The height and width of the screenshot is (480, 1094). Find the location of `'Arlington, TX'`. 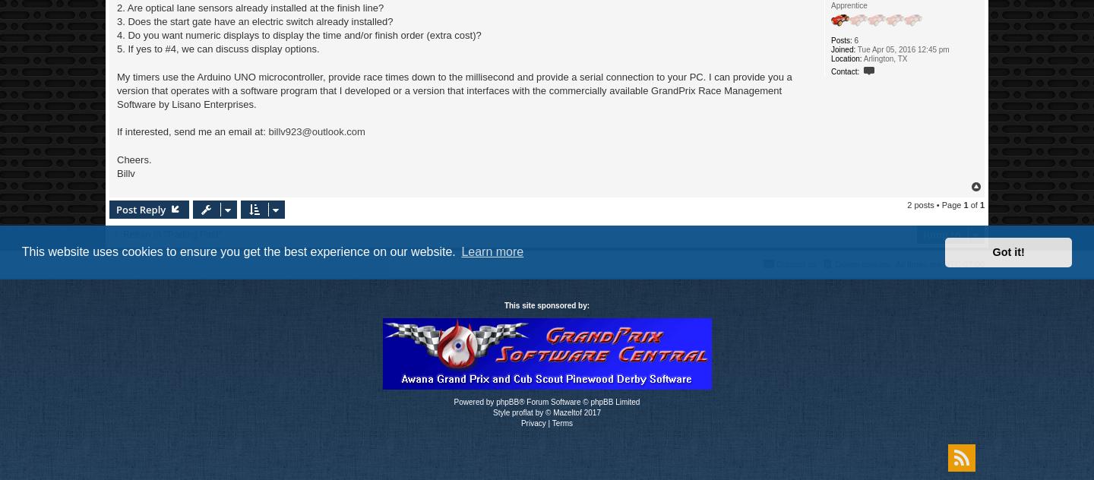

'Arlington, TX' is located at coordinates (884, 58).